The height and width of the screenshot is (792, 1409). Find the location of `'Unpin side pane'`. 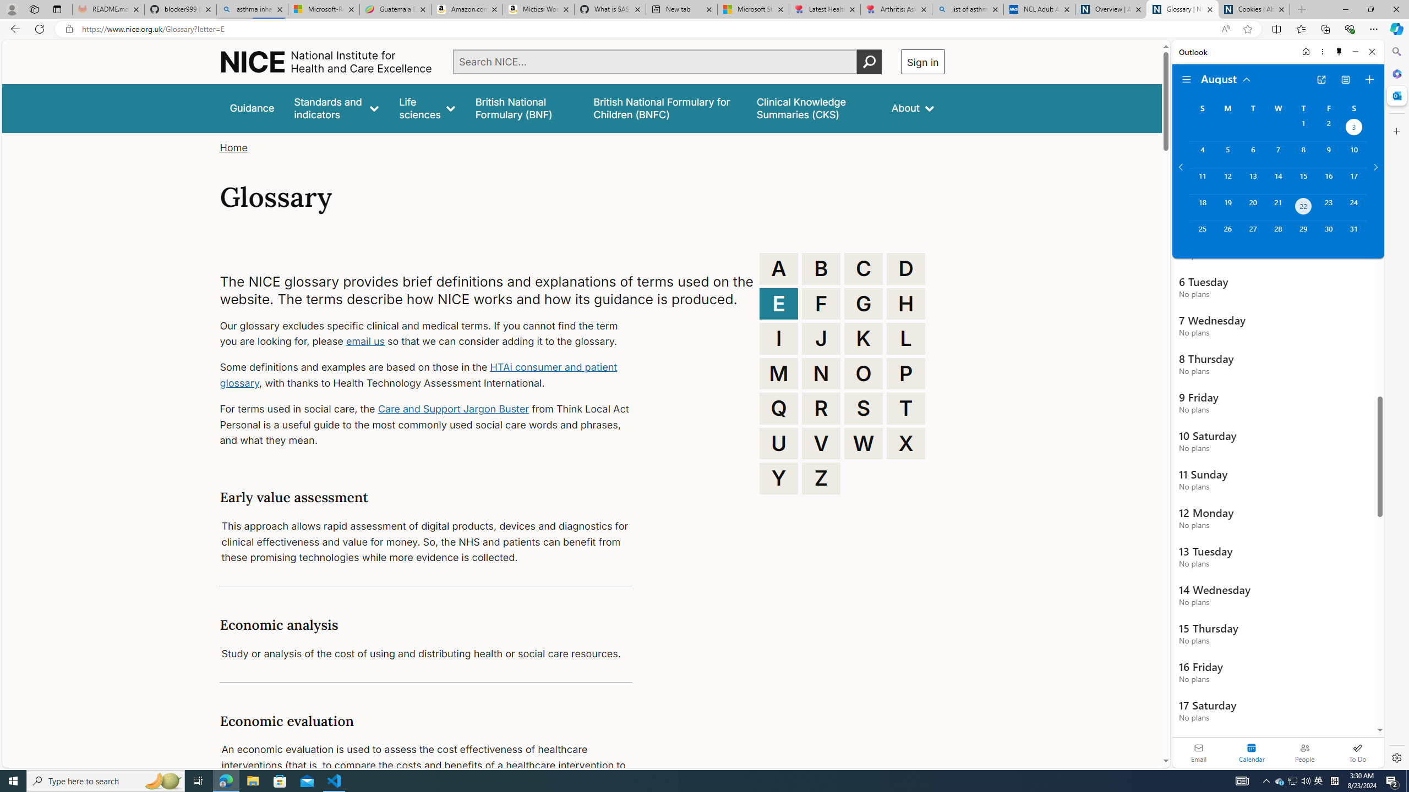

'Unpin side pane' is located at coordinates (1339, 51).